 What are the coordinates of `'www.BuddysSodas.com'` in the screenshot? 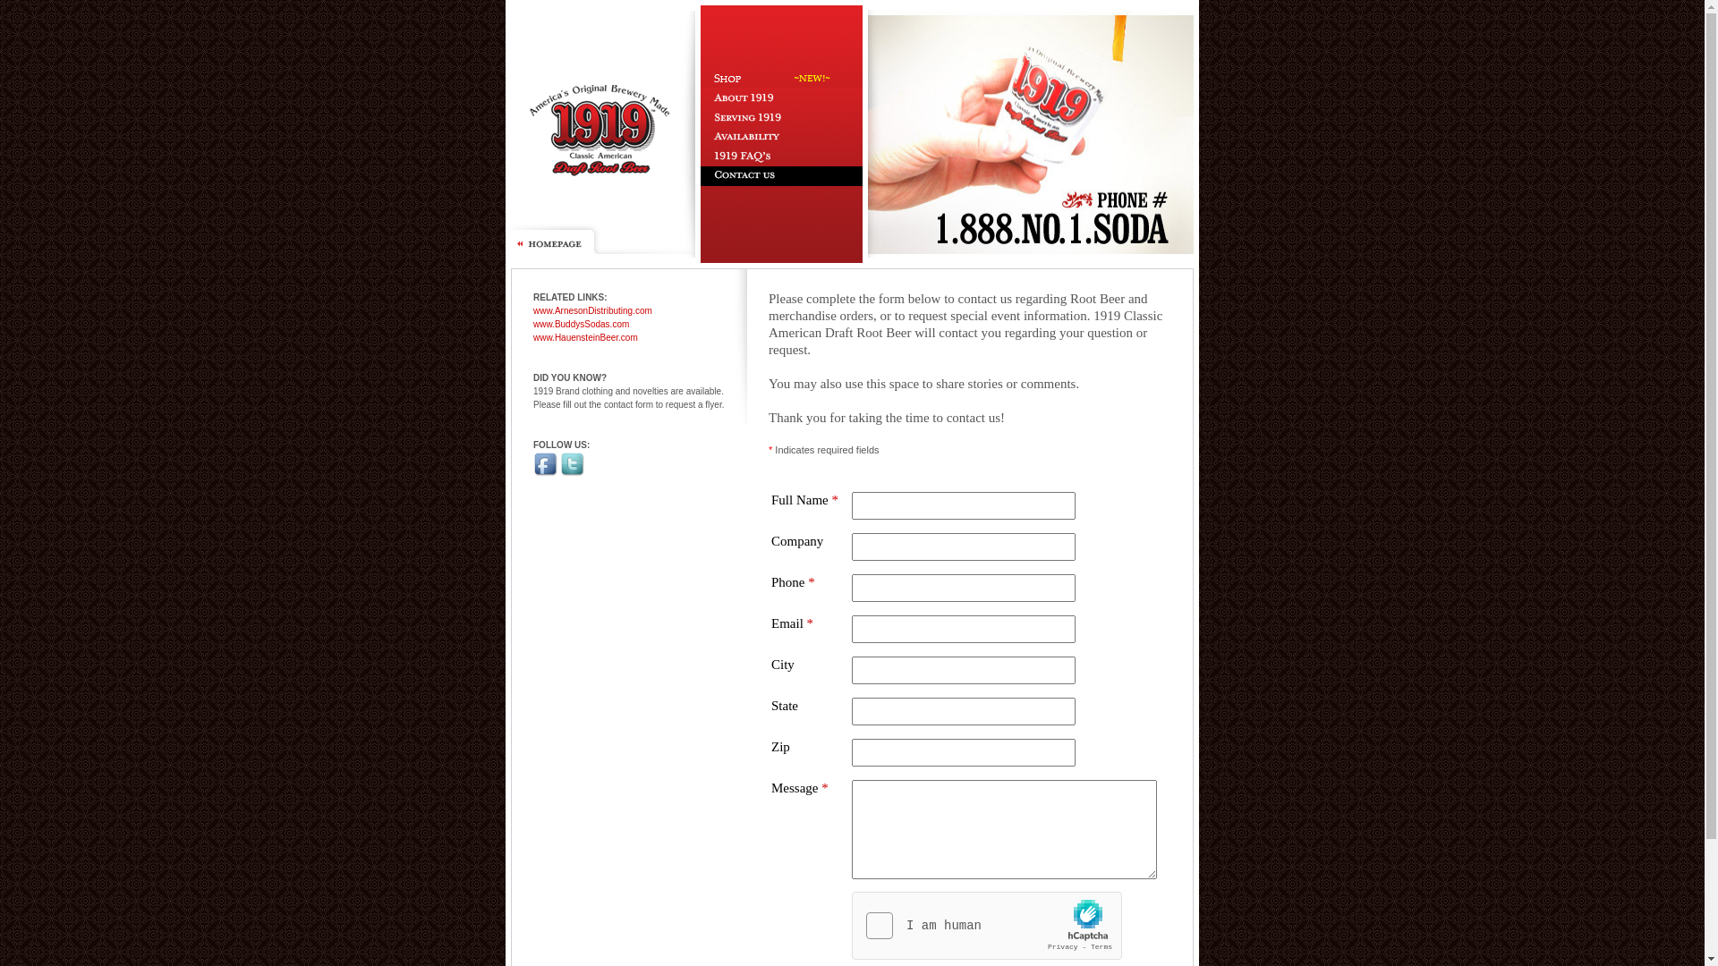 It's located at (581, 324).